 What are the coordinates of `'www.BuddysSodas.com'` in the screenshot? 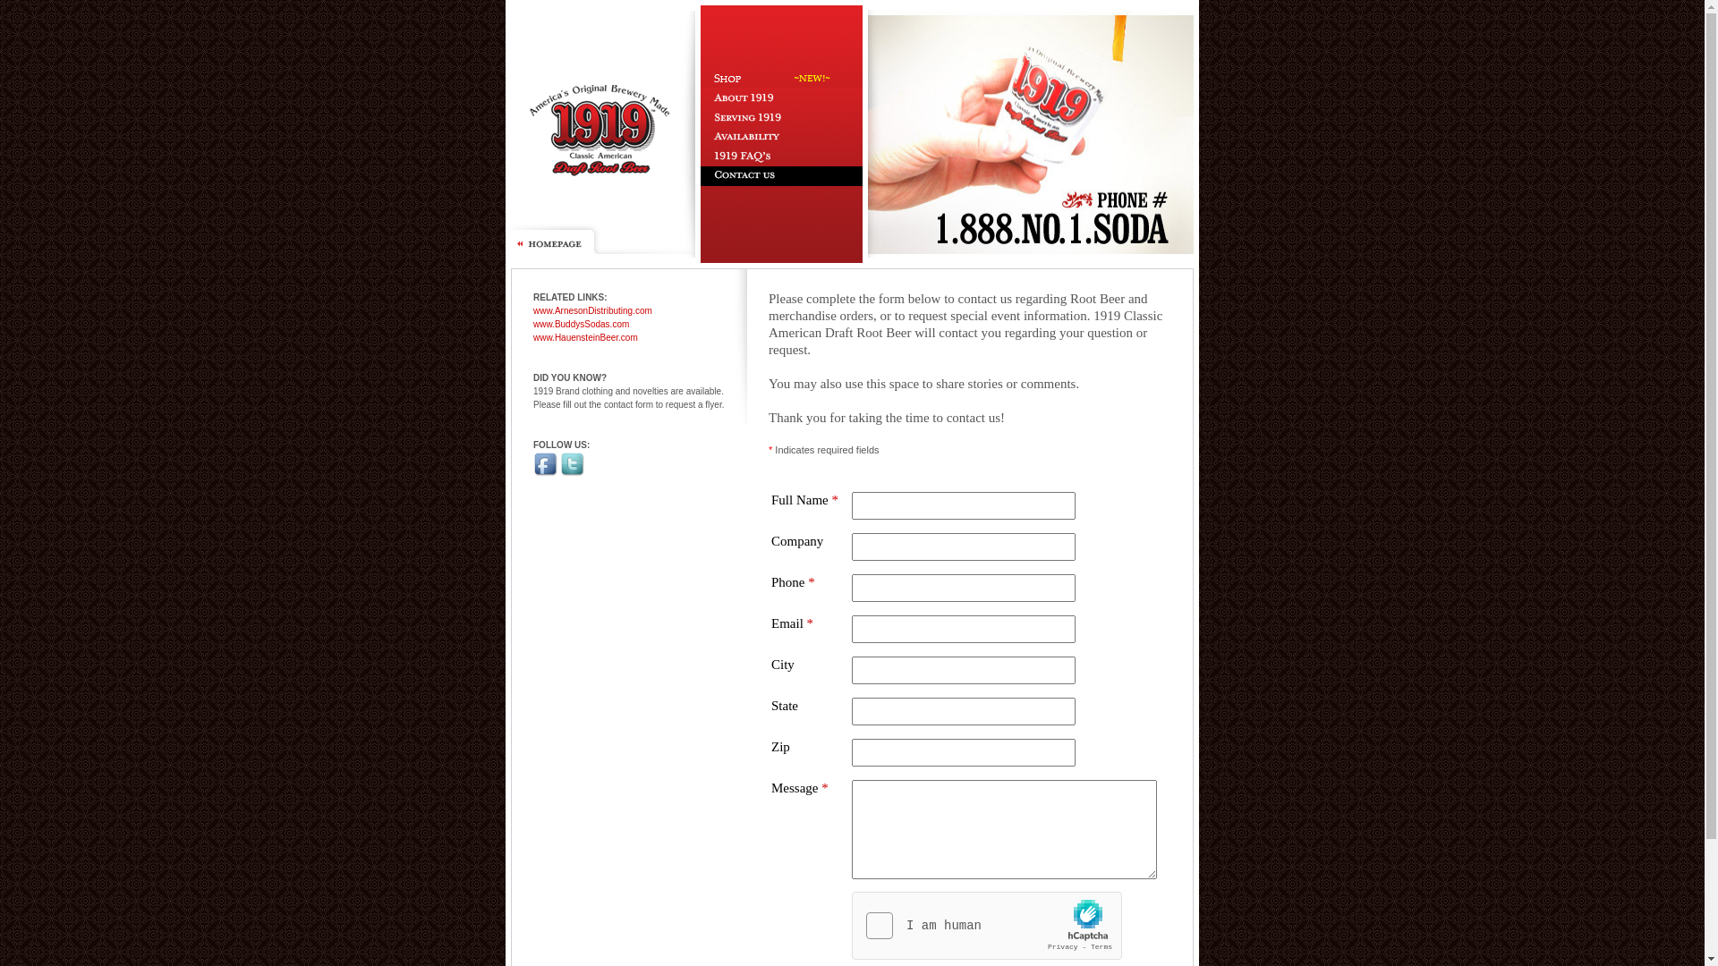 It's located at (581, 324).